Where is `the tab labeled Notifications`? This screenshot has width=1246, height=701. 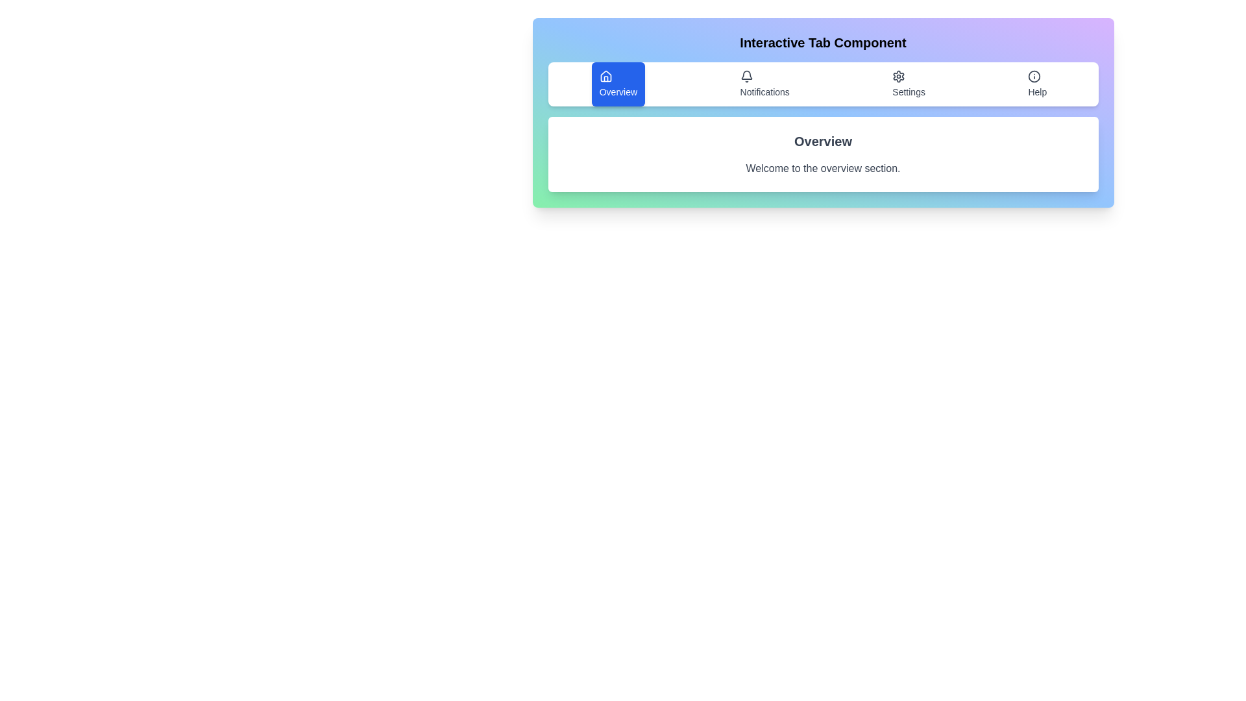 the tab labeled Notifications is located at coordinates (764, 84).